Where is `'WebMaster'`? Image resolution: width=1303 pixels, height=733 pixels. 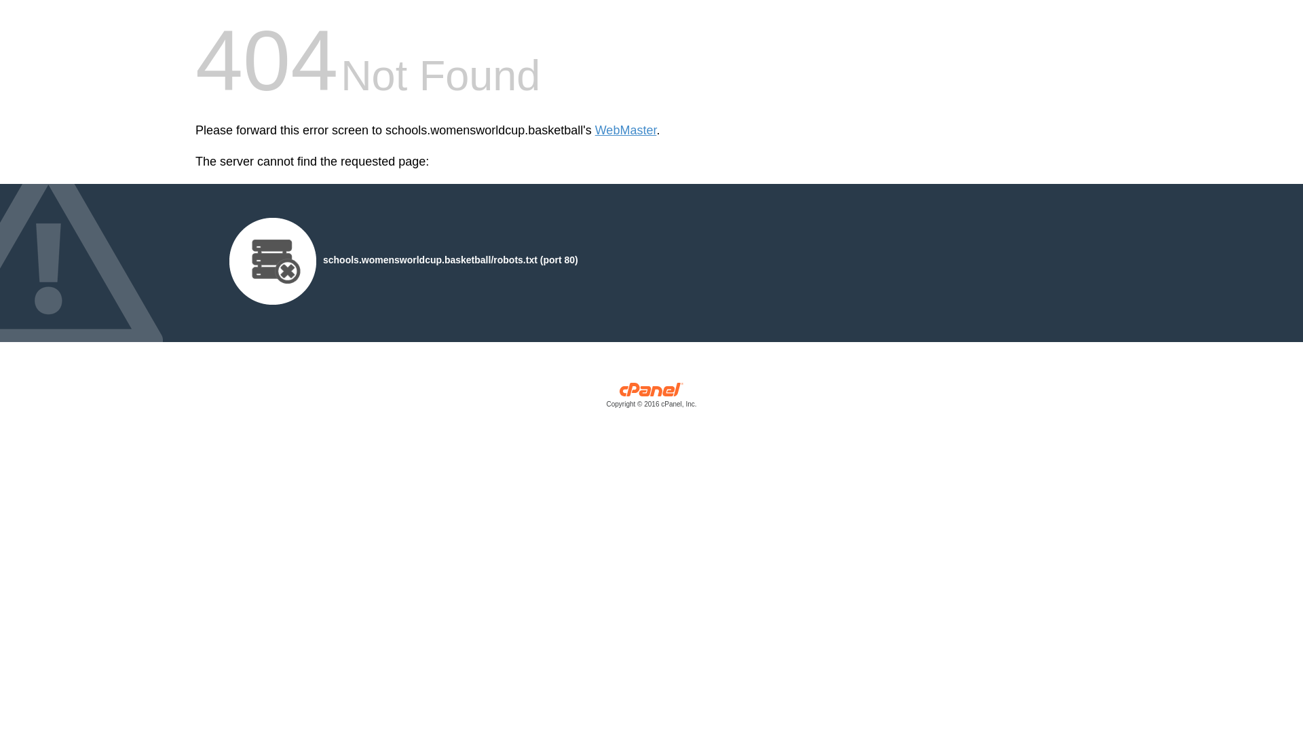
'WebMaster' is located at coordinates (625, 130).